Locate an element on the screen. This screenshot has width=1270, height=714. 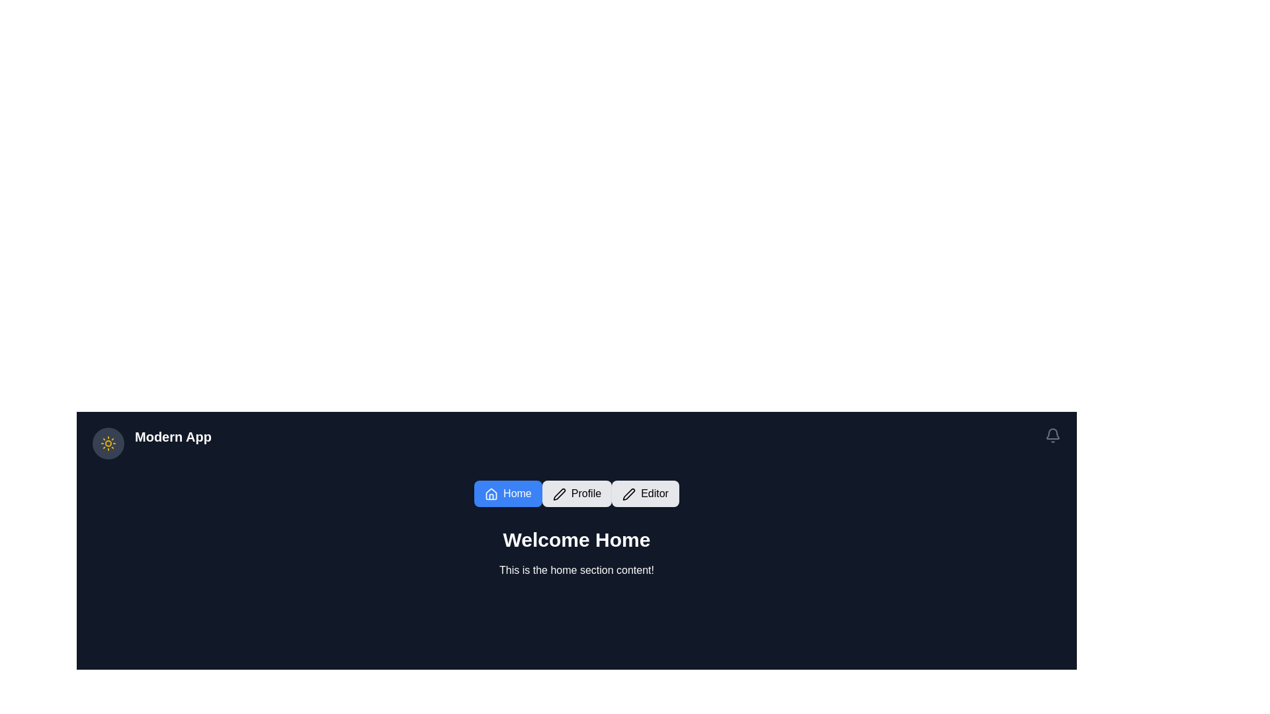
the 'Editor' button with rounded corners and a gray background is located at coordinates (645, 494).